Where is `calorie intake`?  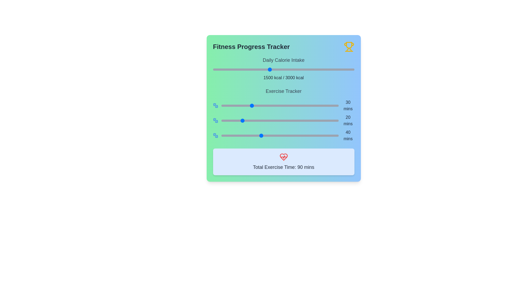 calorie intake is located at coordinates (259, 69).